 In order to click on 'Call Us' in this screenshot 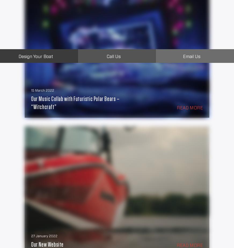, I will do `click(114, 56)`.